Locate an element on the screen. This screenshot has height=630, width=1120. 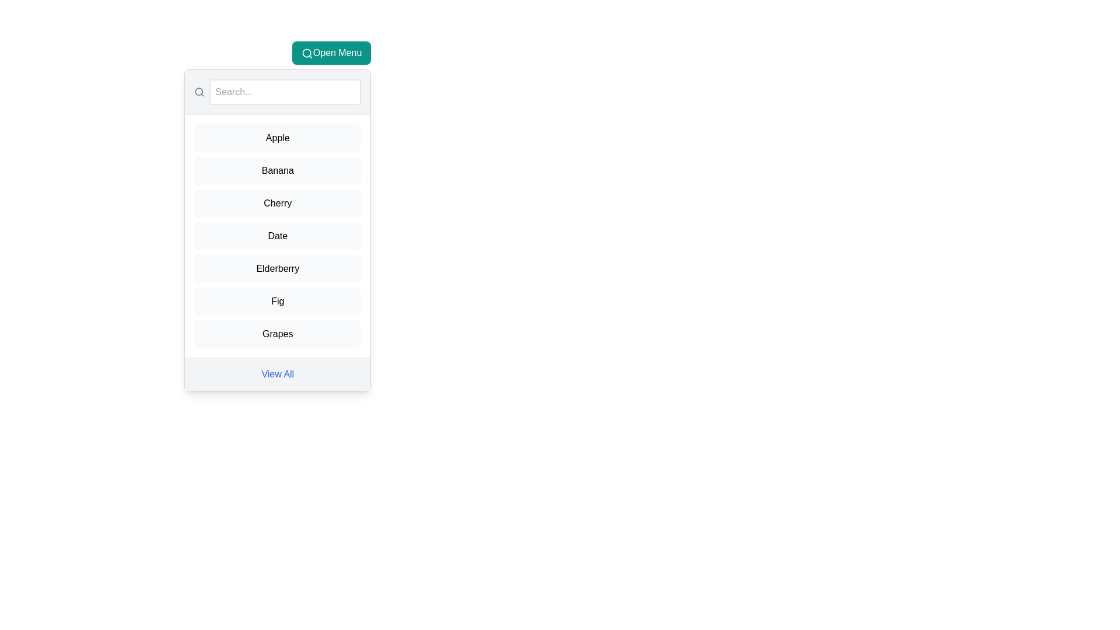
the rectangular button with a white background and black text labeled 'Grapes' is located at coordinates (277, 334).